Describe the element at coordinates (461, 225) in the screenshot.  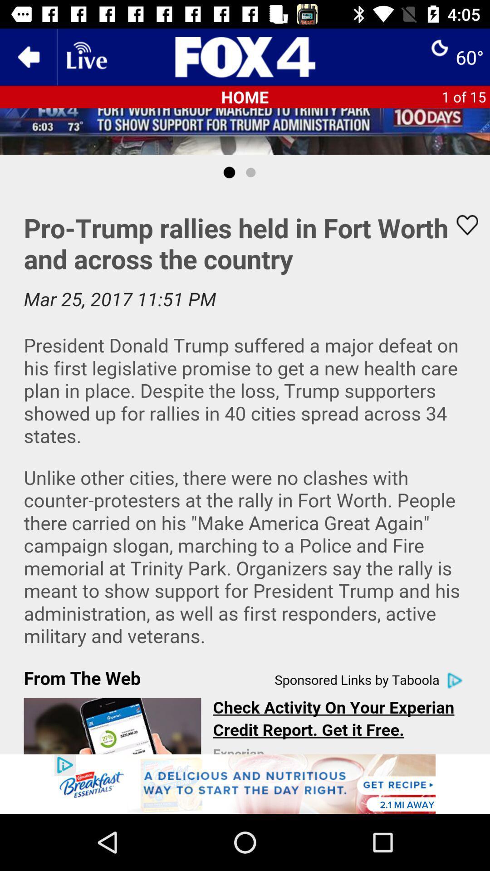
I see `favourite` at that location.